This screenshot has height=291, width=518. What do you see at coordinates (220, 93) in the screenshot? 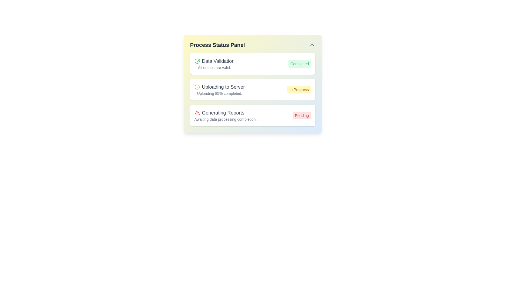
I see `message from the Text label indicating the upload progress of 85% completion, located in the second block of the 'Process Status Panel' under 'Uploading to Server'` at bounding box center [220, 93].